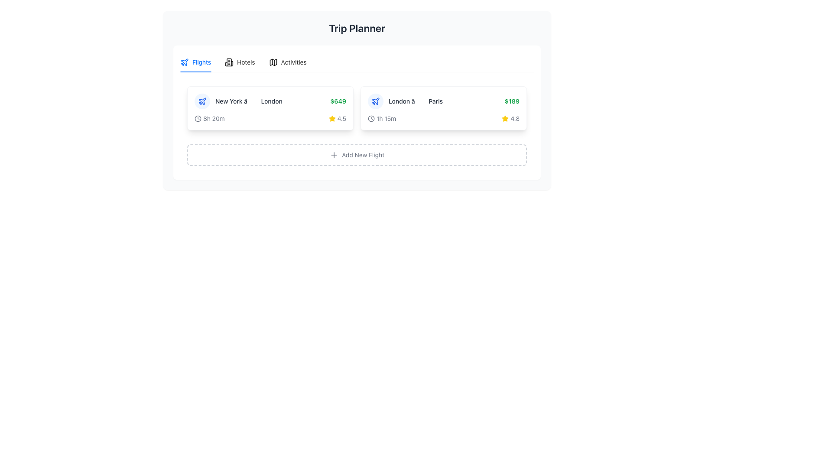 The image size is (832, 468). What do you see at coordinates (505, 118) in the screenshot?
I see `the filled yellow star icon indicating a rating of 4.8 to interact with the rating system` at bounding box center [505, 118].